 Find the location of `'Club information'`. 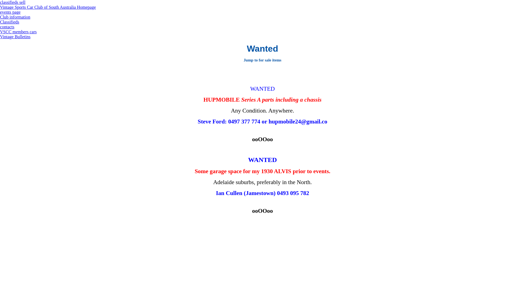

'Club information' is located at coordinates (0, 17).